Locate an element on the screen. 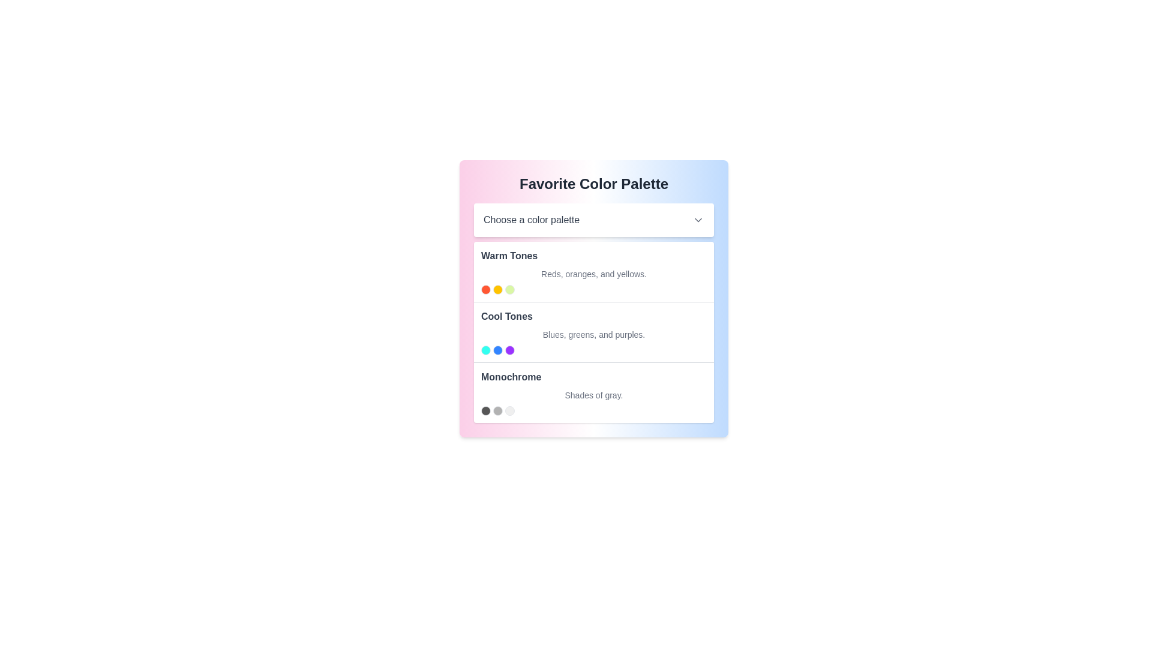 Image resolution: width=1152 pixels, height=648 pixels. the description of the color theme in the Selection List Item labeled 'Choose a color palette', which is the second section within the dropdown menu beneath 'Favorite Color Palette' is located at coordinates (593, 312).